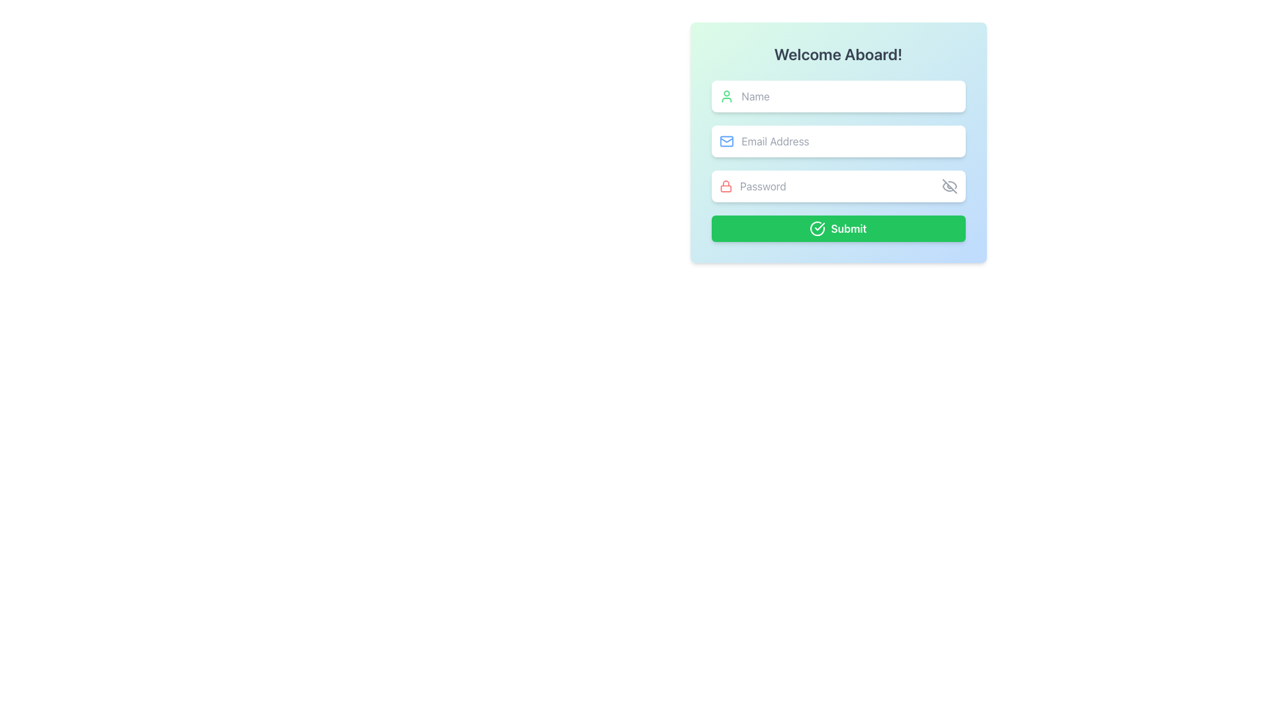  What do you see at coordinates (725, 188) in the screenshot?
I see `the rectangle representing the lock mechanism within the password field, which is the third input field under the 'Welcome Aboard!' banner` at bounding box center [725, 188].